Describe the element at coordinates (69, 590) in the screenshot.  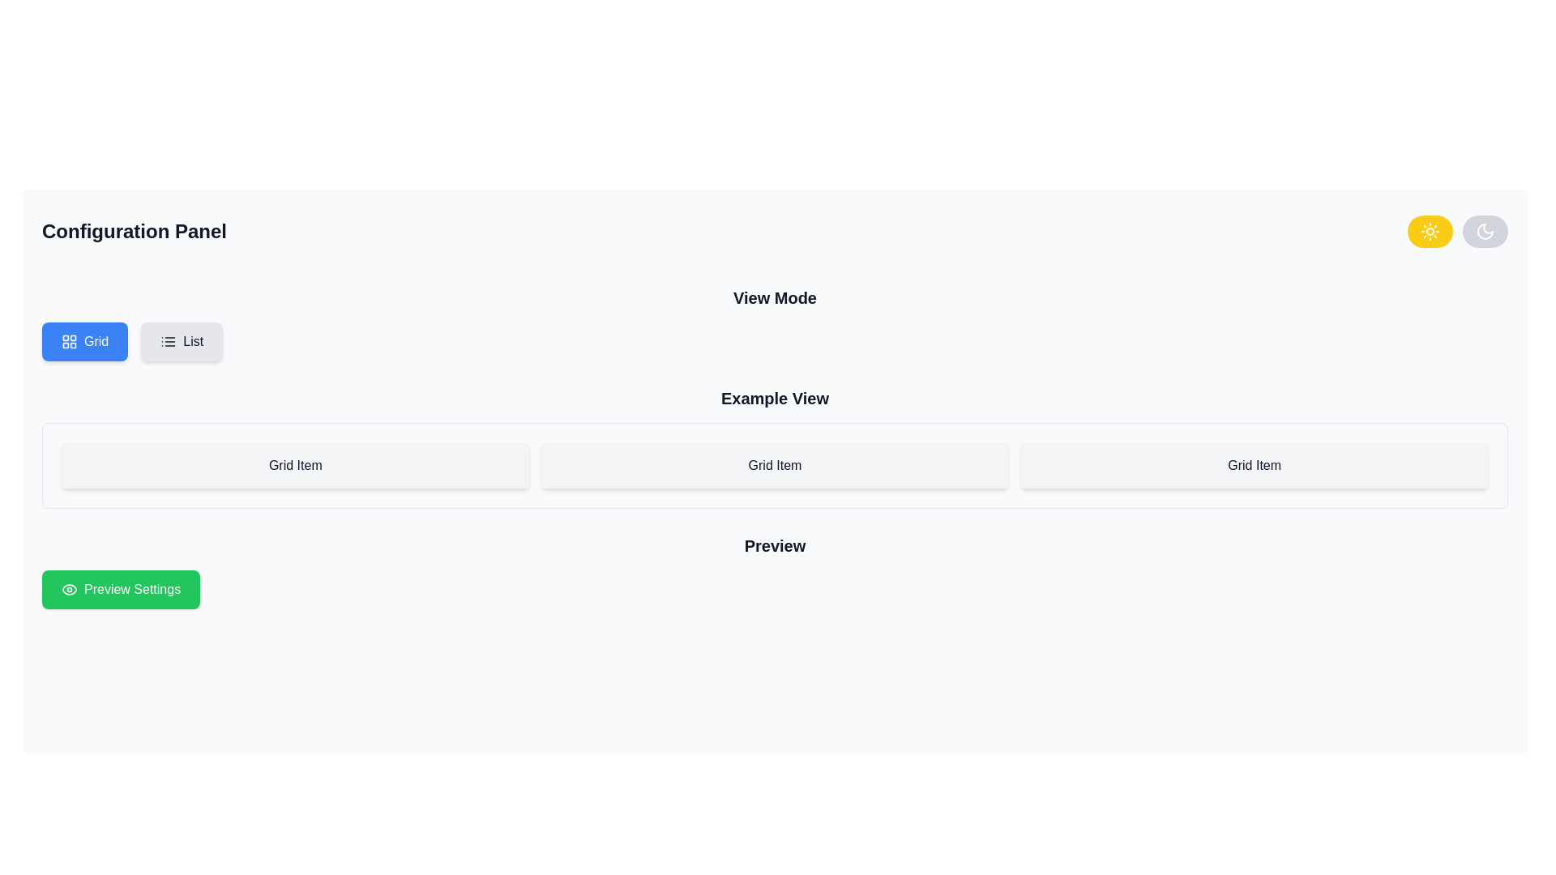
I see `the preview icon located within the green 'Preview Settings' button at the bottom-left side of the interface` at that location.